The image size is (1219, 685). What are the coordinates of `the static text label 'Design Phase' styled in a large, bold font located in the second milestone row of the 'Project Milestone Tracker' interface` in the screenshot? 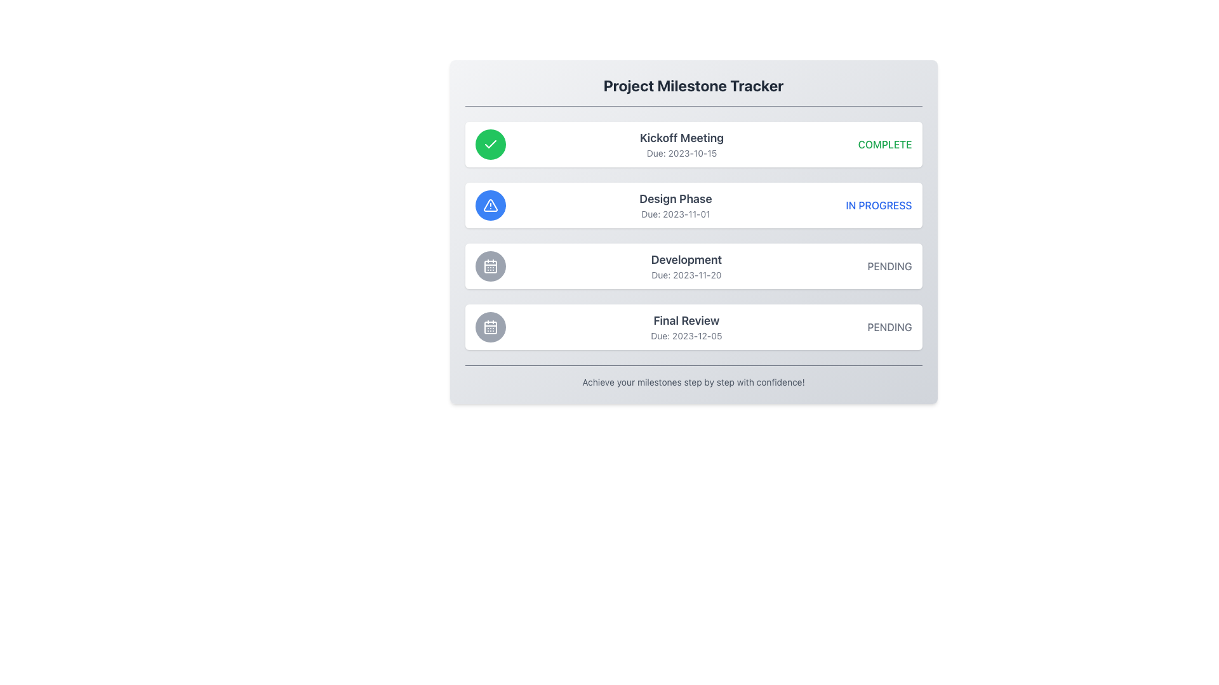 It's located at (675, 199).